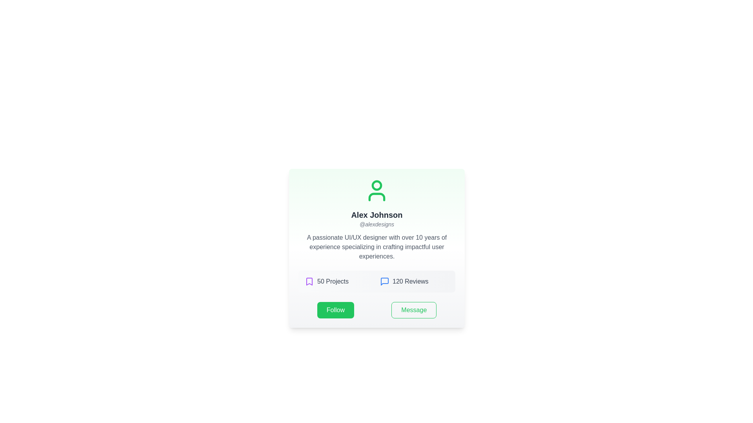 This screenshot has width=753, height=423. Describe the element at coordinates (376, 185) in the screenshot. I see `the green circular icon representing the user profile image located at the top-center of the interface above the text 'Alex Johnson'` at that location.